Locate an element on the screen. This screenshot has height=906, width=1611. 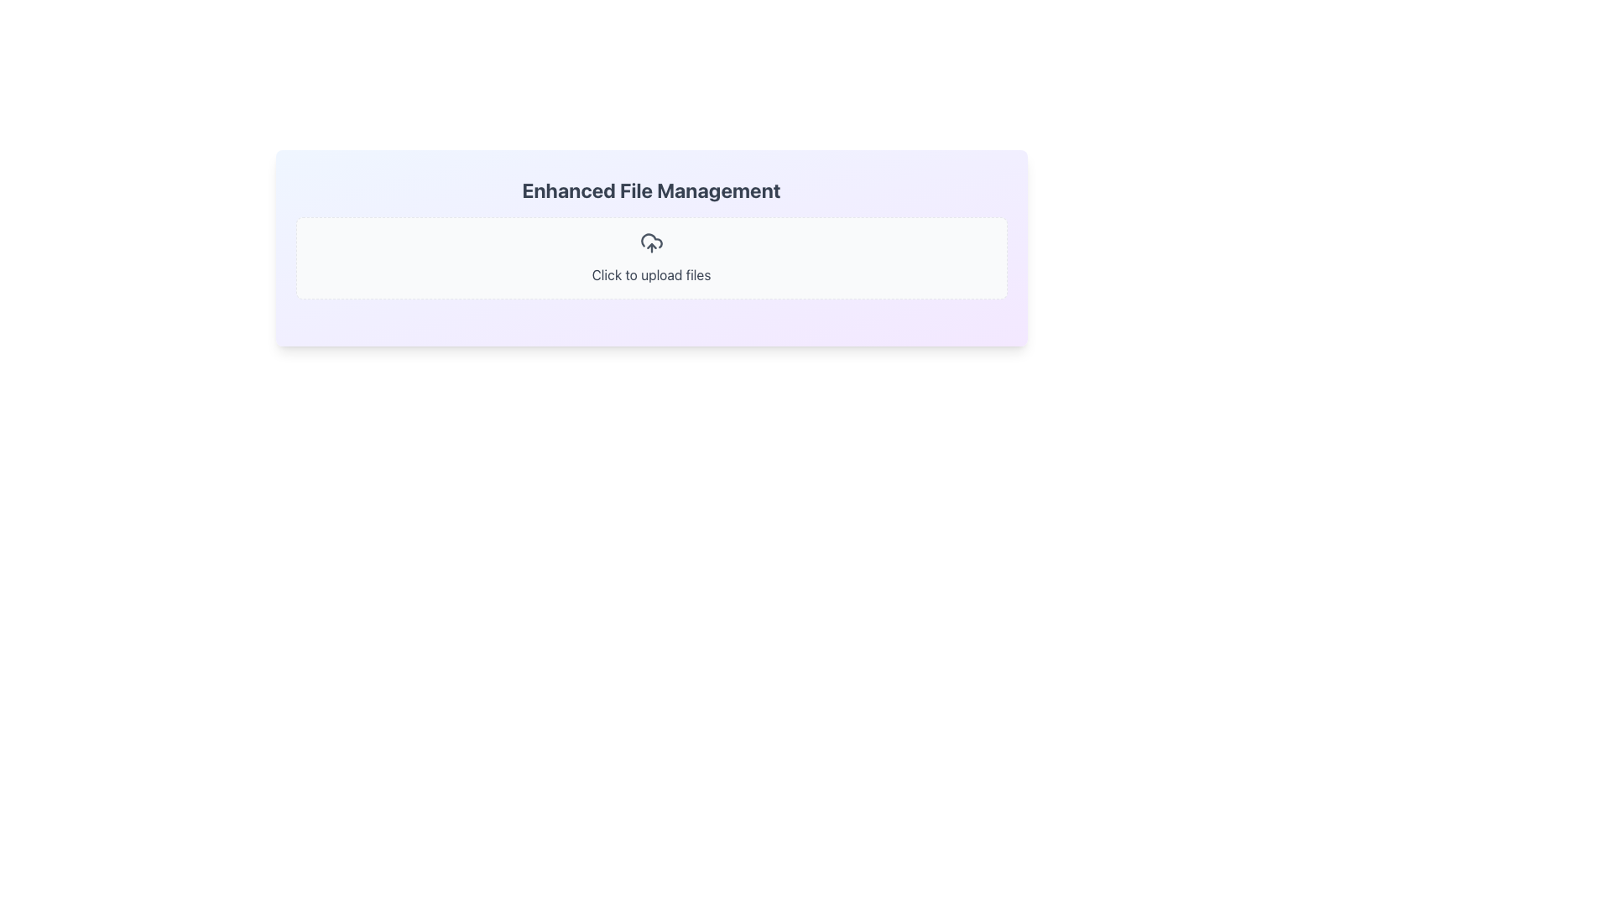
the content block with a gradient background containing the text 'Enhanced File Management' and the instructions 'Click to upload files' is located at coordinates (650, 248).